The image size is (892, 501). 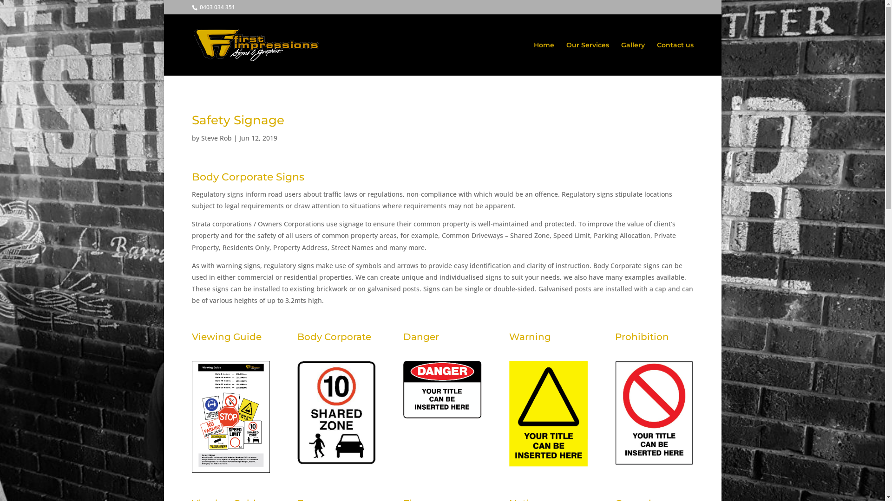 What do you see at coordinates (675, 58) in the screenshot?
I see `'Contact us'` at bounding box center [675, 58].